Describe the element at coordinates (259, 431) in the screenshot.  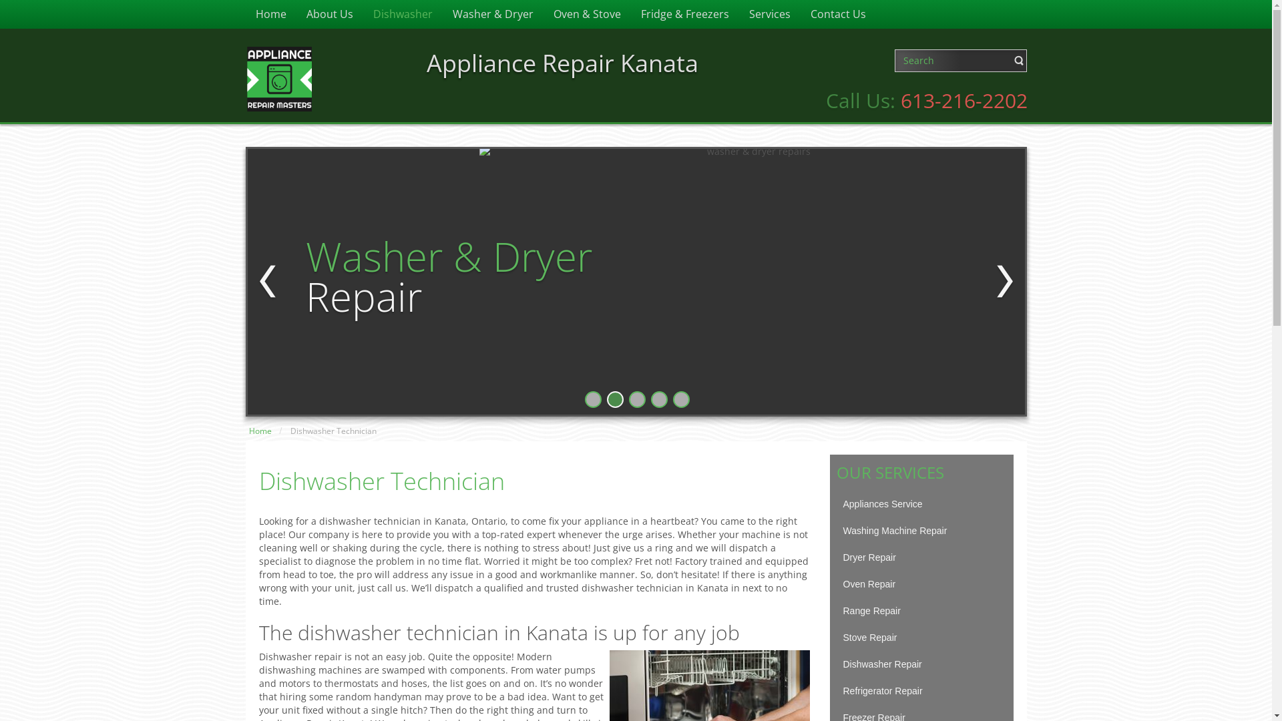
I see `'Home'` at that location.